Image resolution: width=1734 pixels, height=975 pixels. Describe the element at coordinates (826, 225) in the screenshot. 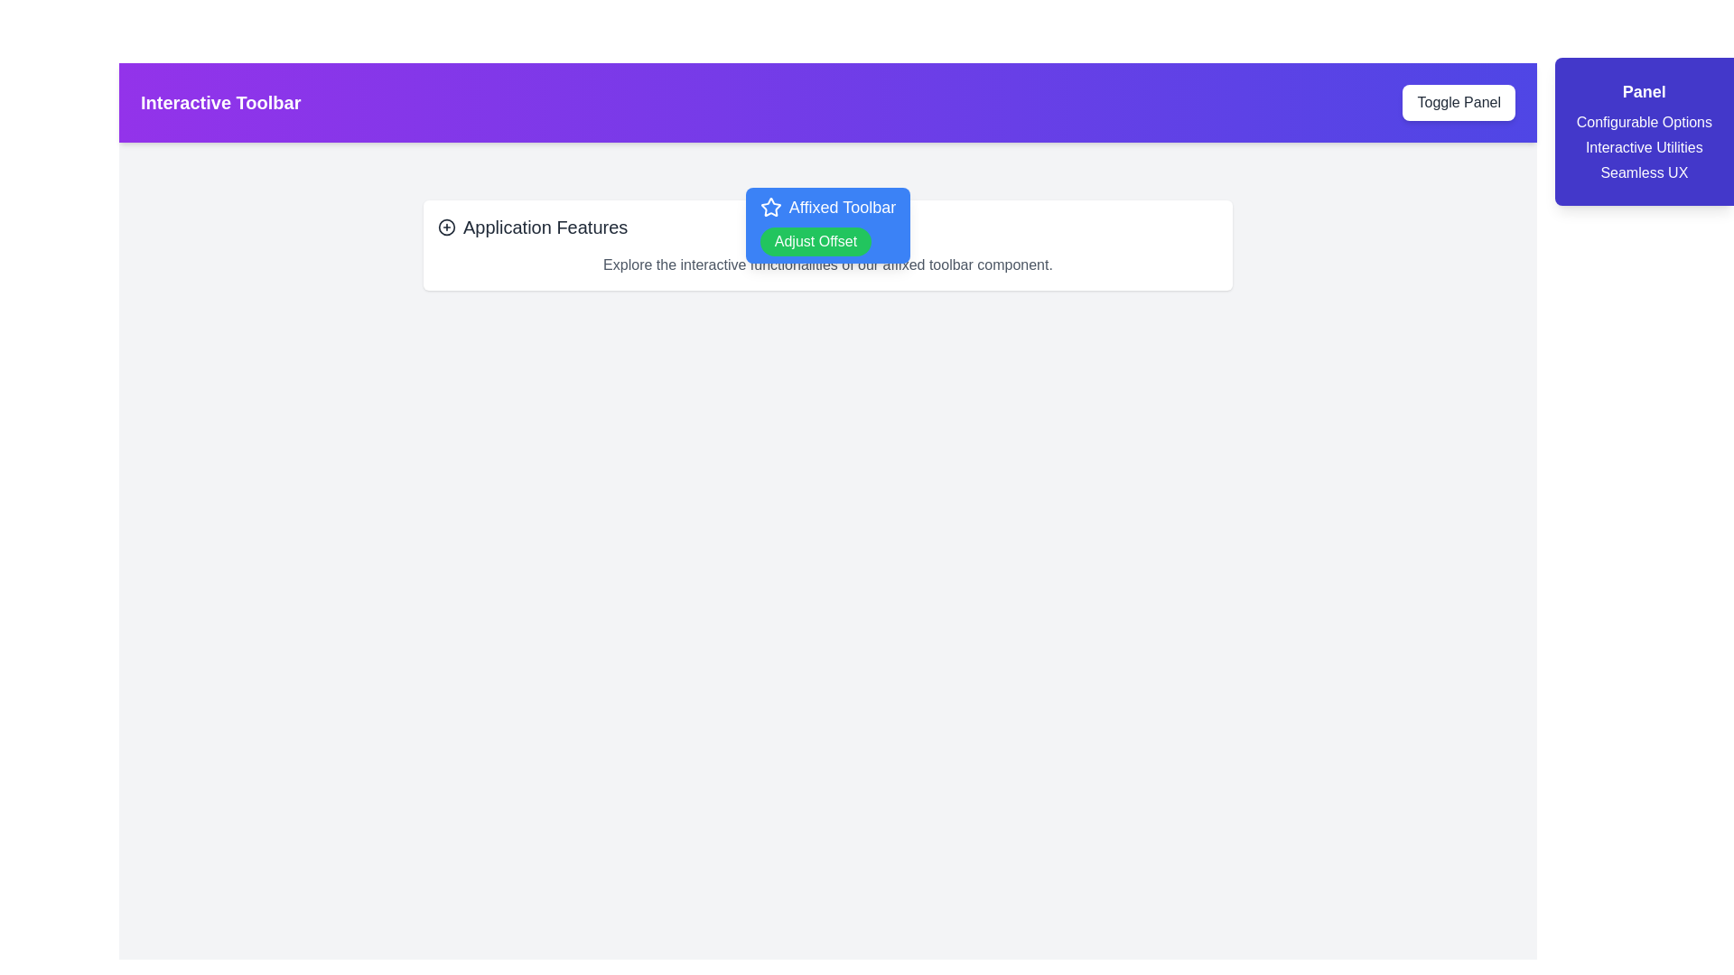

I see `the interactive toolbar label with the text 'Affixed Toolbar' and the button labeled 'Adjust Offset'` at that location.